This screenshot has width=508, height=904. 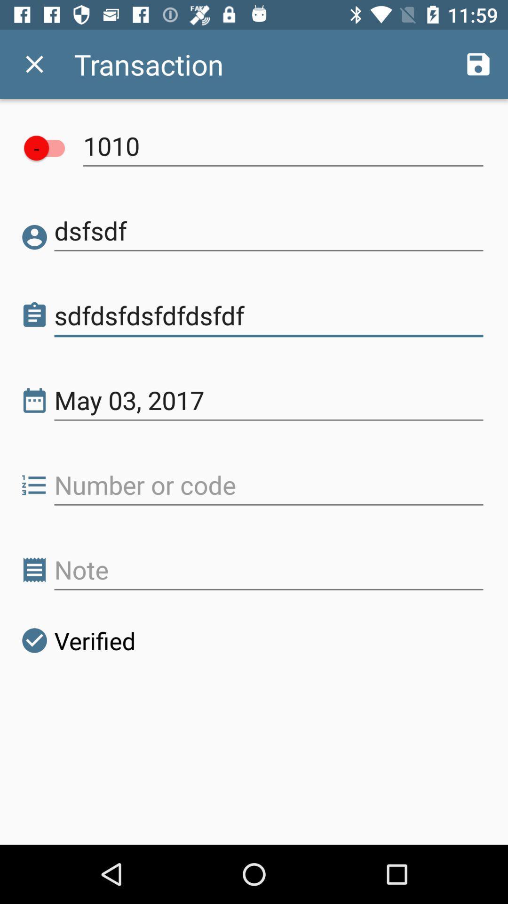 I want to click on the icon to the left of the may 03, 2017, so click(x=34, y=400).